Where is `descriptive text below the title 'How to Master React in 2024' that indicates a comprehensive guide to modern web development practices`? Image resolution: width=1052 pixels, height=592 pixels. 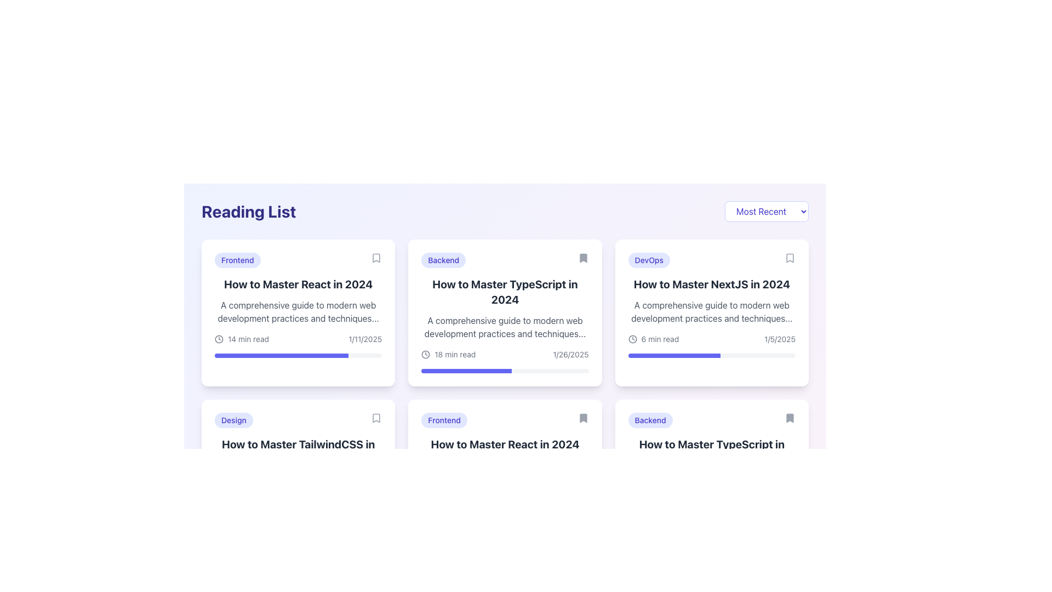 descriptive text below the title 'How to Master React in 2024' that indicates a comprehensive guide to modern web development practices is located at coordinates (298, 312).